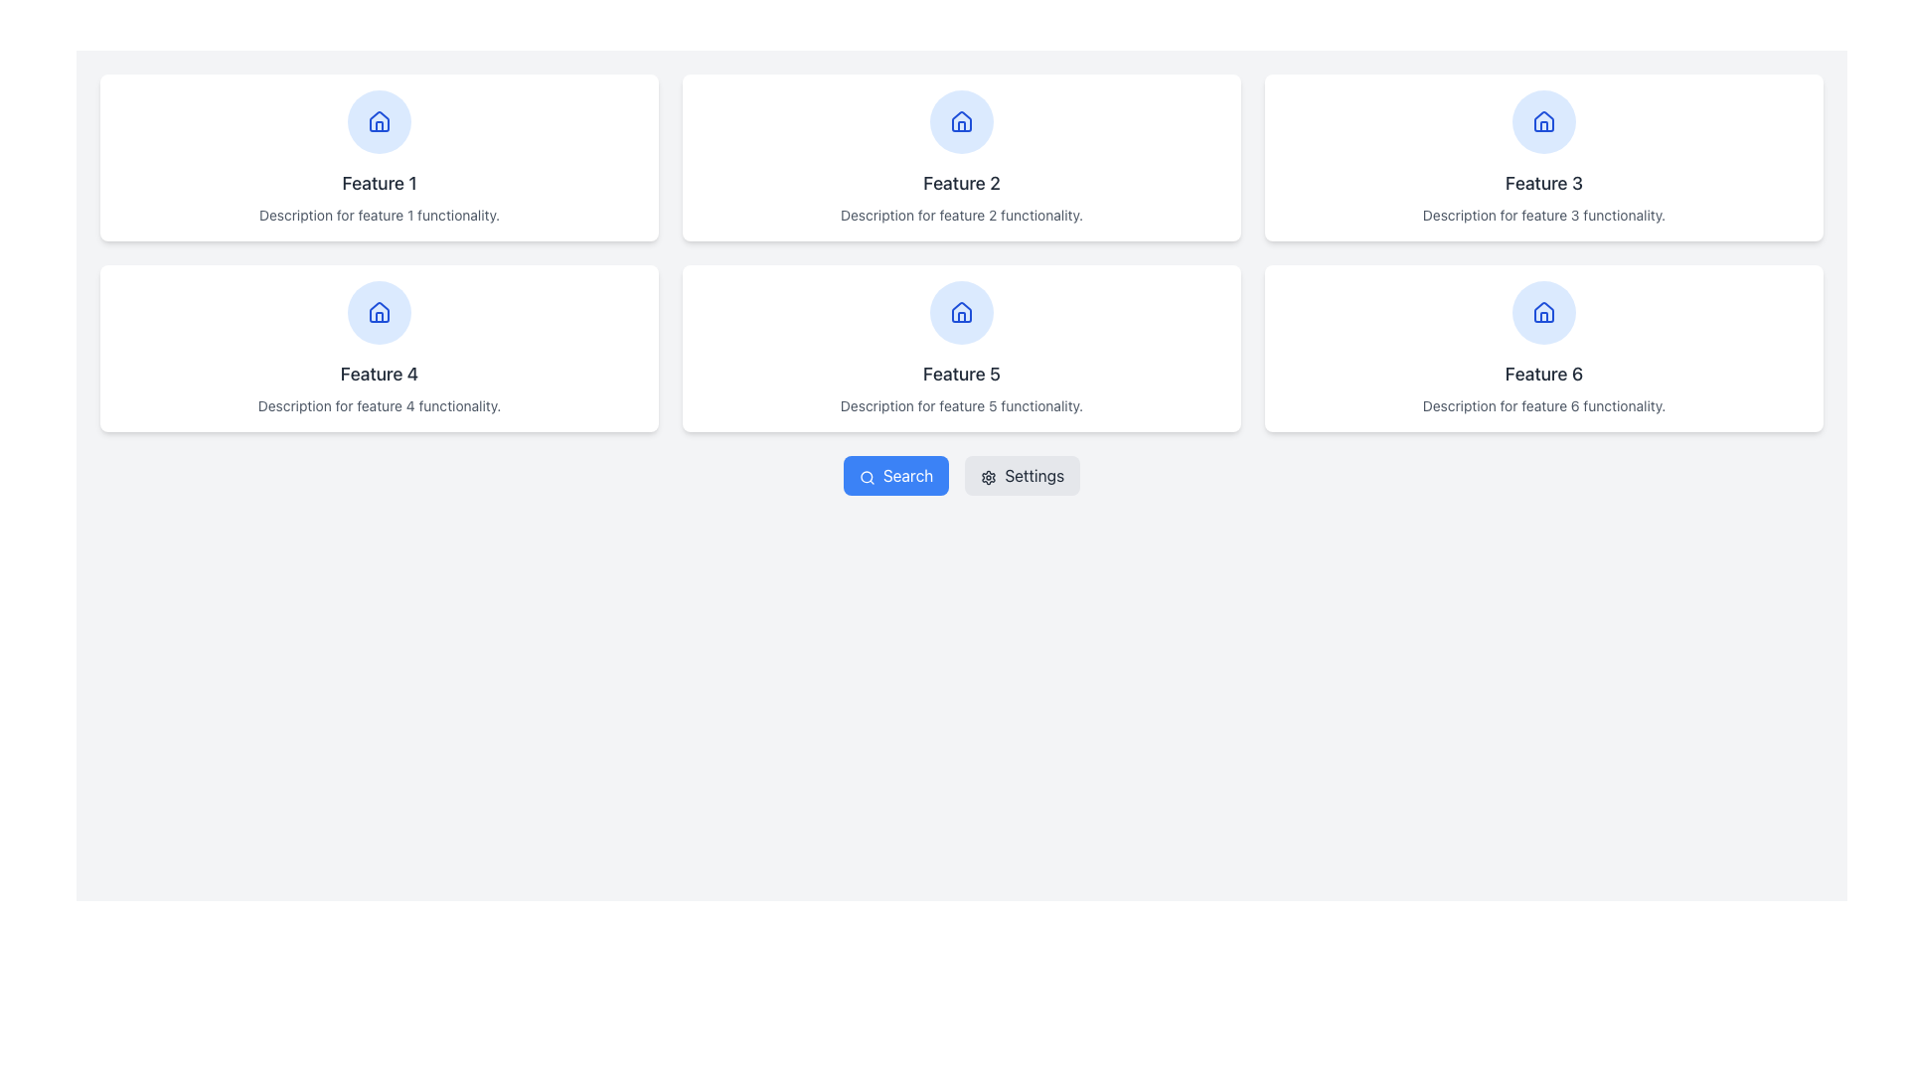 The width and height of the screenshot is (1908, 1073). Describe the element at coordinates (962, 122) in the screenshot. I see `the 'Feature 2' icon located in the first row, second column of the grid layout, centered above the card's title text 'Feature 2'` at that location.